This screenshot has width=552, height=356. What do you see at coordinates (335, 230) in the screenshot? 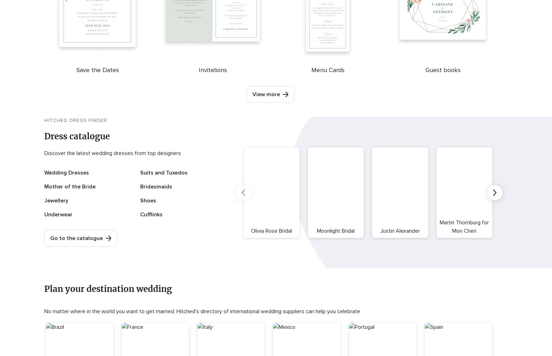
I see `'Moonlight Bridal'` at bounding box center [335, 230].